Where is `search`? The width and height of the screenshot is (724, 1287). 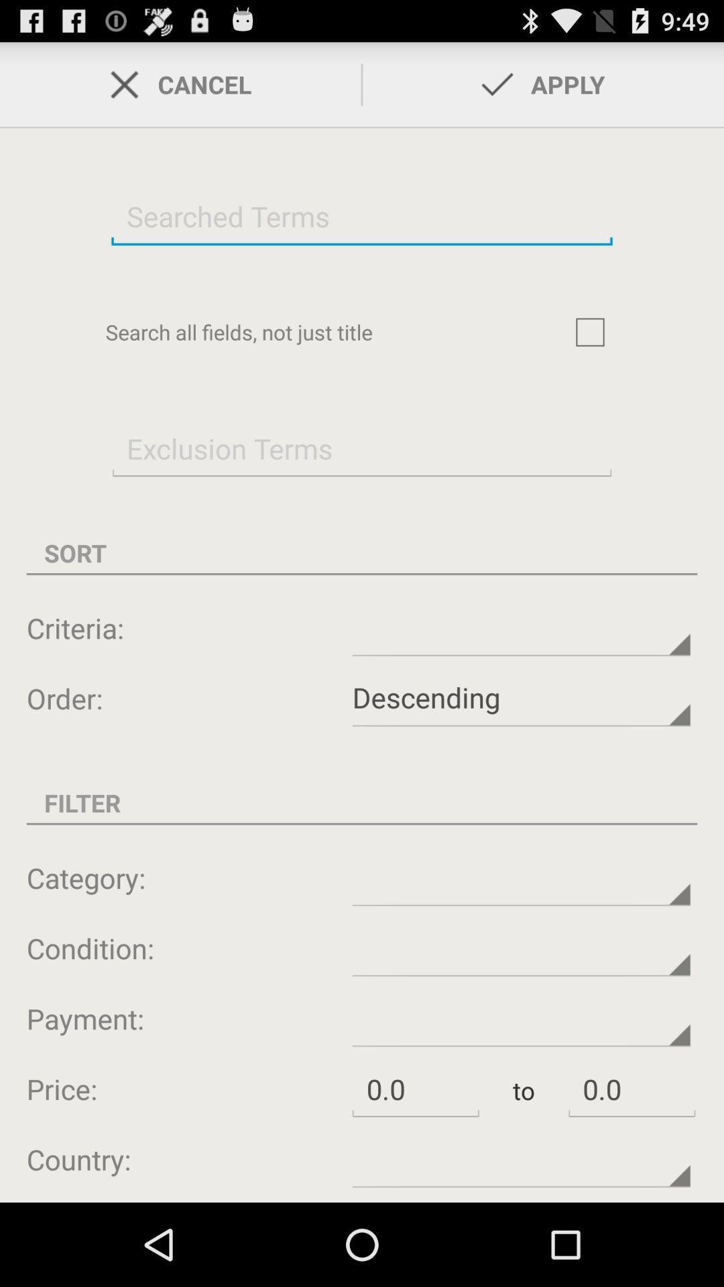 search is located at coordinates (362, 216).